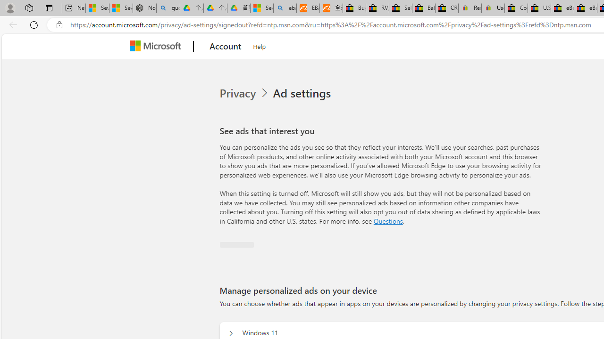  What do you see at coordinates (515, 8) in the screenshot?
I see `'Consumer Health Data Privacy Policy - eBay Inc.'` at bounding box center [515, 8].